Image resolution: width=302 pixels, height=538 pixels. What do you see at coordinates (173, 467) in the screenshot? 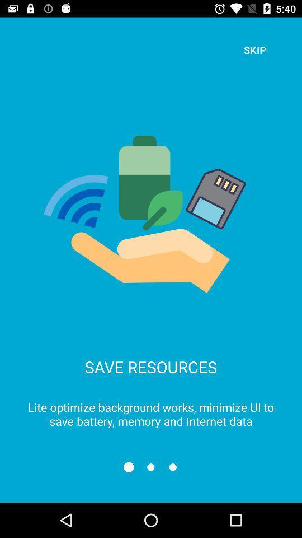
I see `3rd slide` at bounding box center [173, 467].